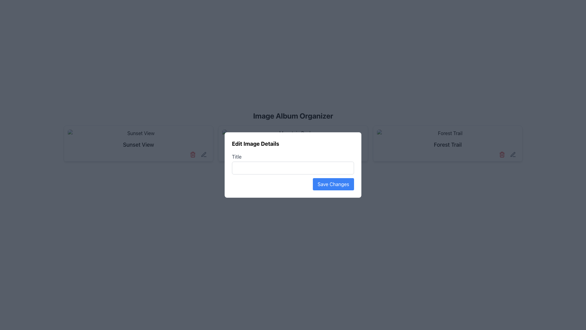 Image resolution: width=586 pixels, height=330 pixels. I want to click on the 'Save' button located at the bottom-right corner of the 'Edit Image Details' modal, so click(293, 184).